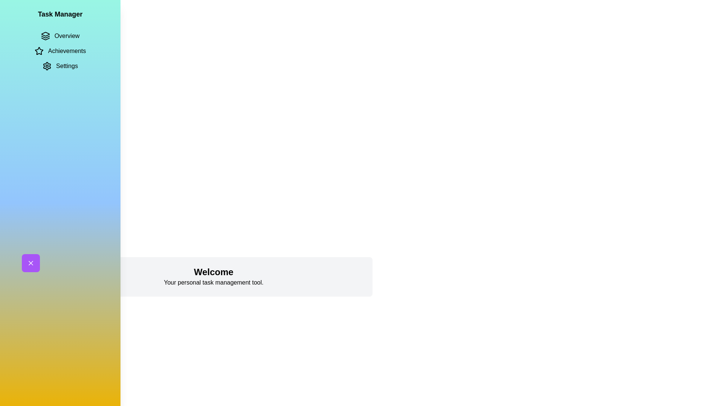  What do you see at coordinates (45, 36) in the screenshot?
I see `the icon located in the left-side navigation menu above the 'Overview' text, which serves as a visual aid for the overview function` at bounding box center [45, 36].